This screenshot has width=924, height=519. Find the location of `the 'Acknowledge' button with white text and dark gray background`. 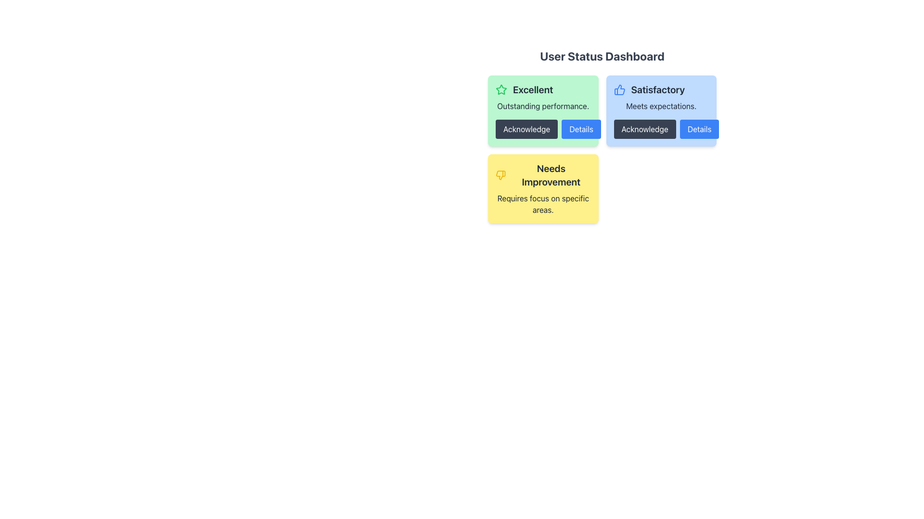

the 'Acknowledge' button with white text and dark gray background is located at coordinates (526, 129).